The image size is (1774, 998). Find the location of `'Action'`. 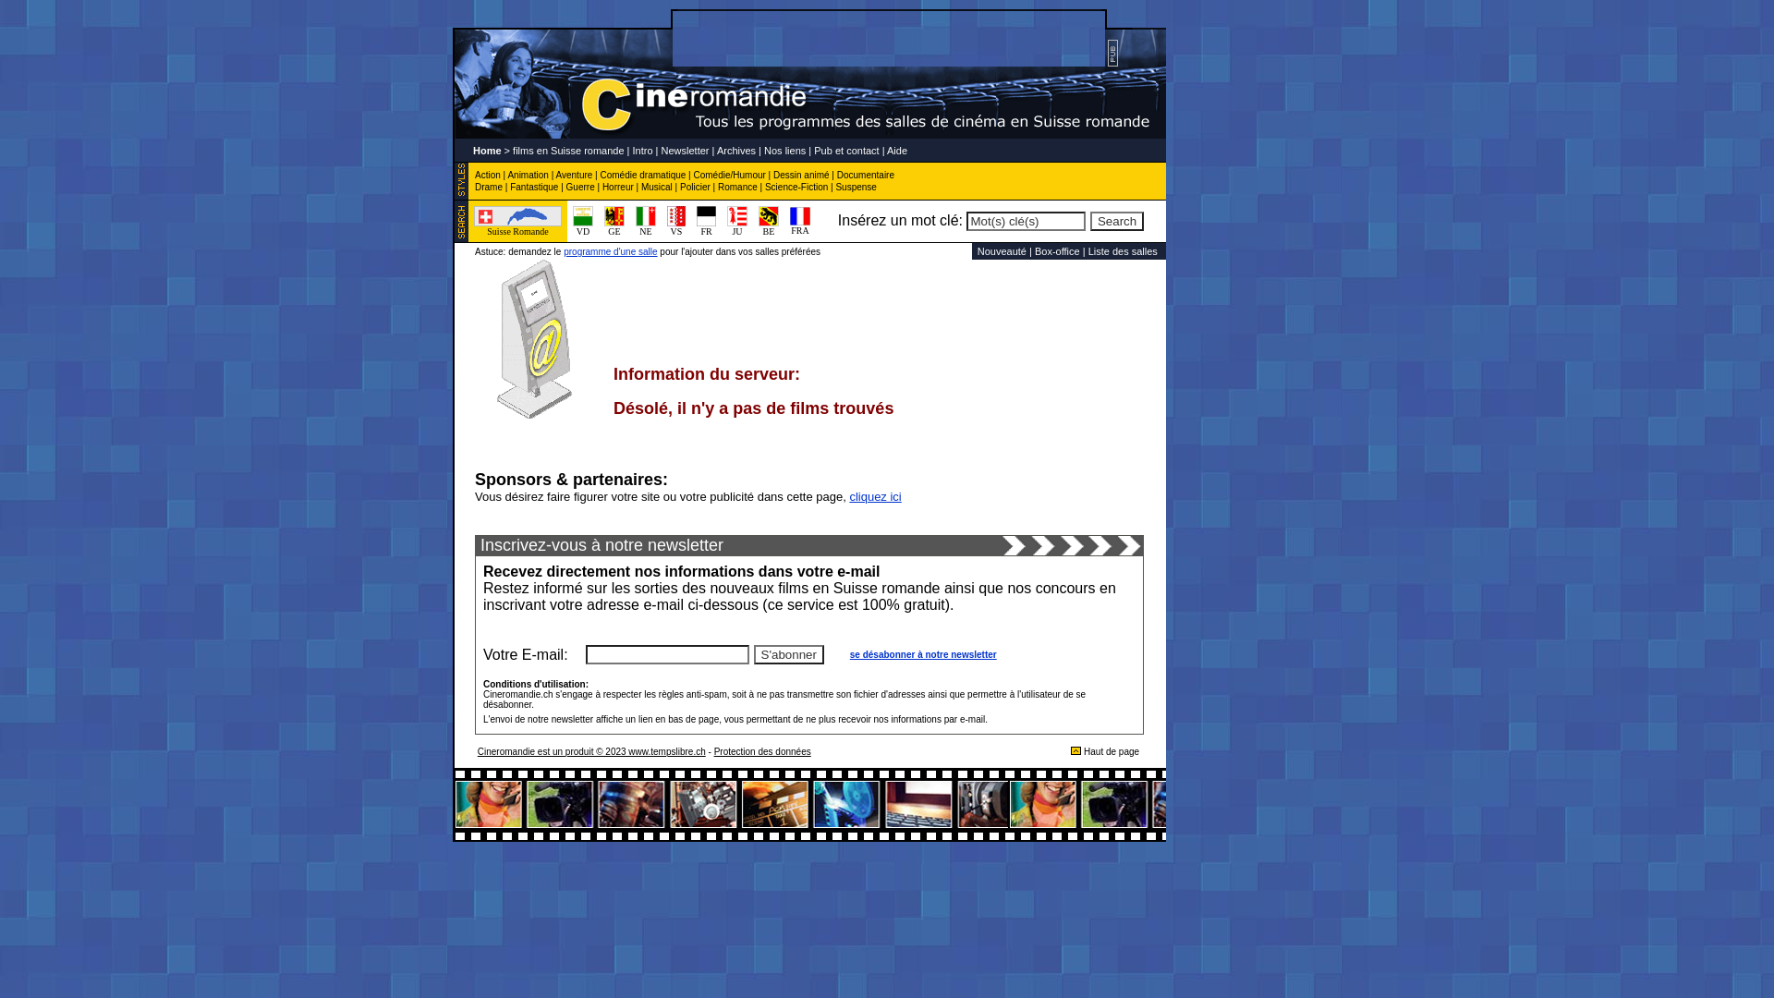

'Action' is located at coordinates (488, 175).